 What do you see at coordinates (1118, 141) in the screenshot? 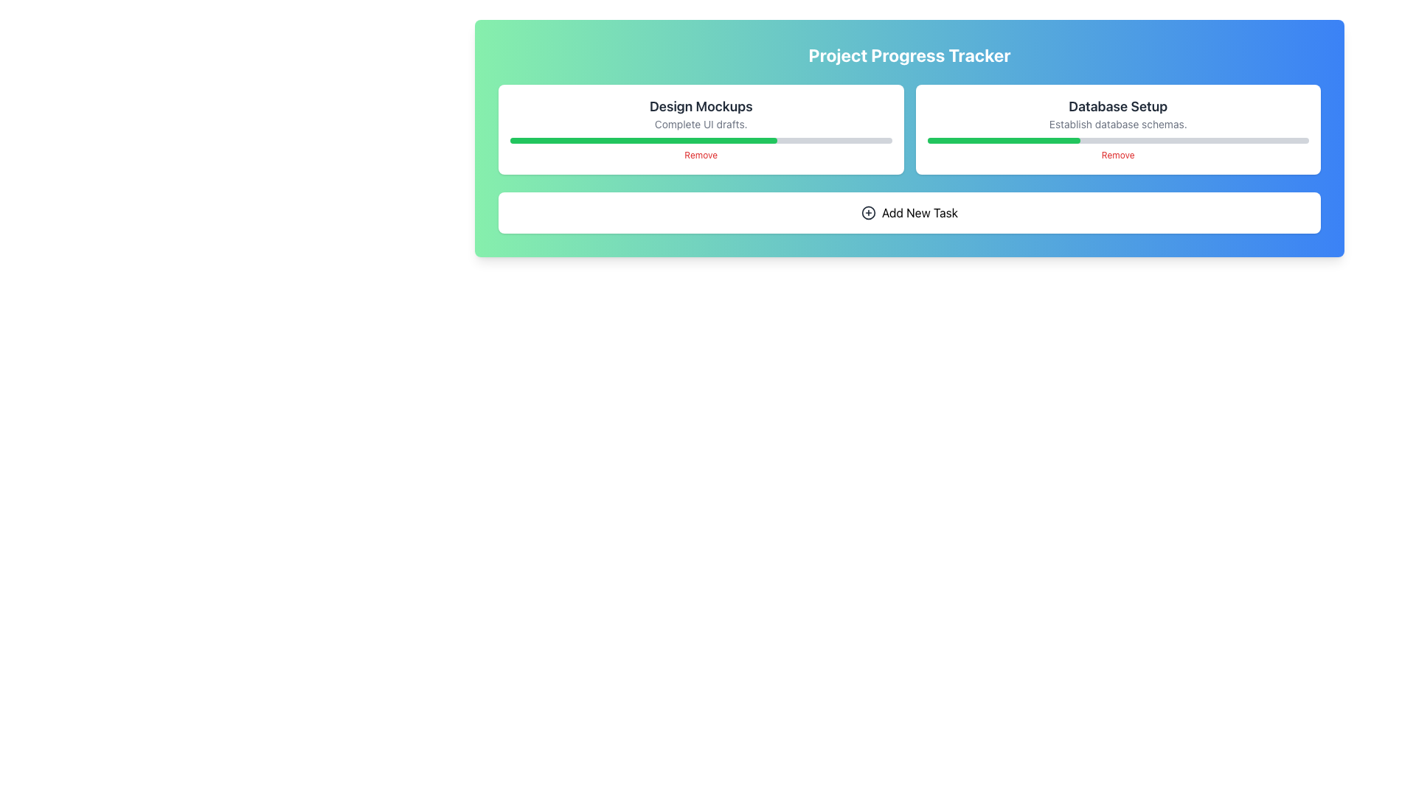
I see `the progress bar representing 40% completion under the 'Establish database schemas.' subheading in the 'Database Setup' card` at bounding box center [1118, 141].